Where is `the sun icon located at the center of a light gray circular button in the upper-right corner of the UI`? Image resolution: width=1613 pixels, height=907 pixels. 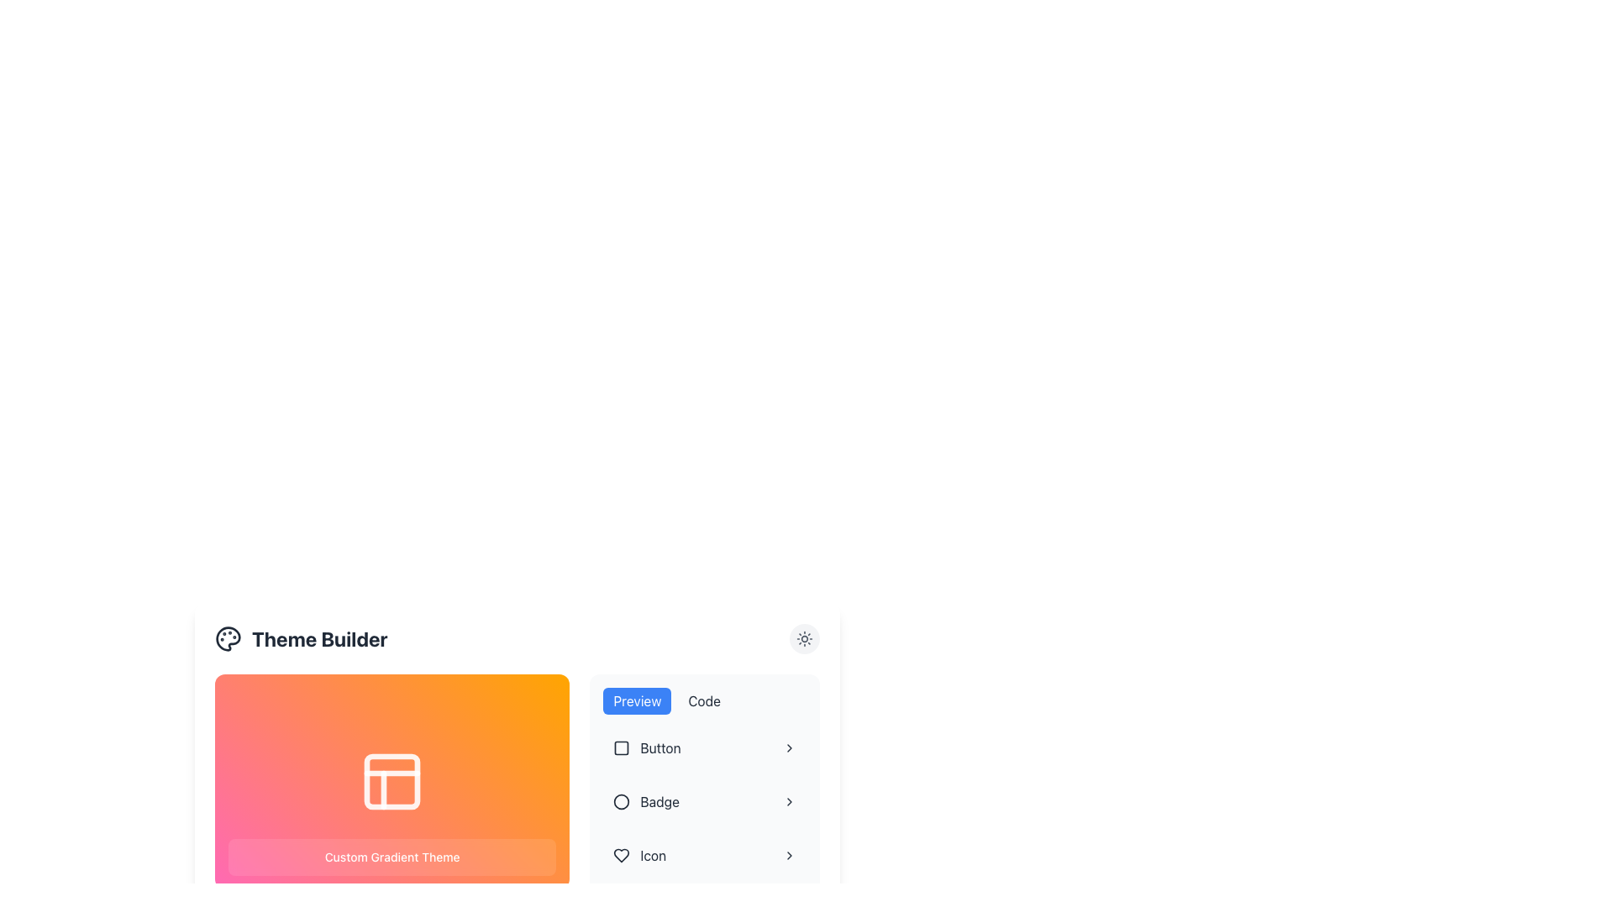 the sun icon located at the center of a light gray circular button in the upper-right corner of the UI is located at coordinates (804, 638).